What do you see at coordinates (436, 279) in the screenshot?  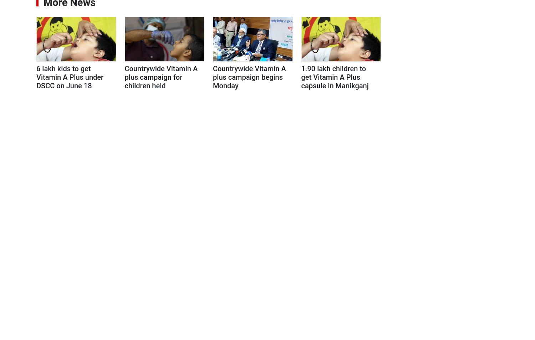 I see `'Hajj registration begins'` at bounding box center [436, 279].